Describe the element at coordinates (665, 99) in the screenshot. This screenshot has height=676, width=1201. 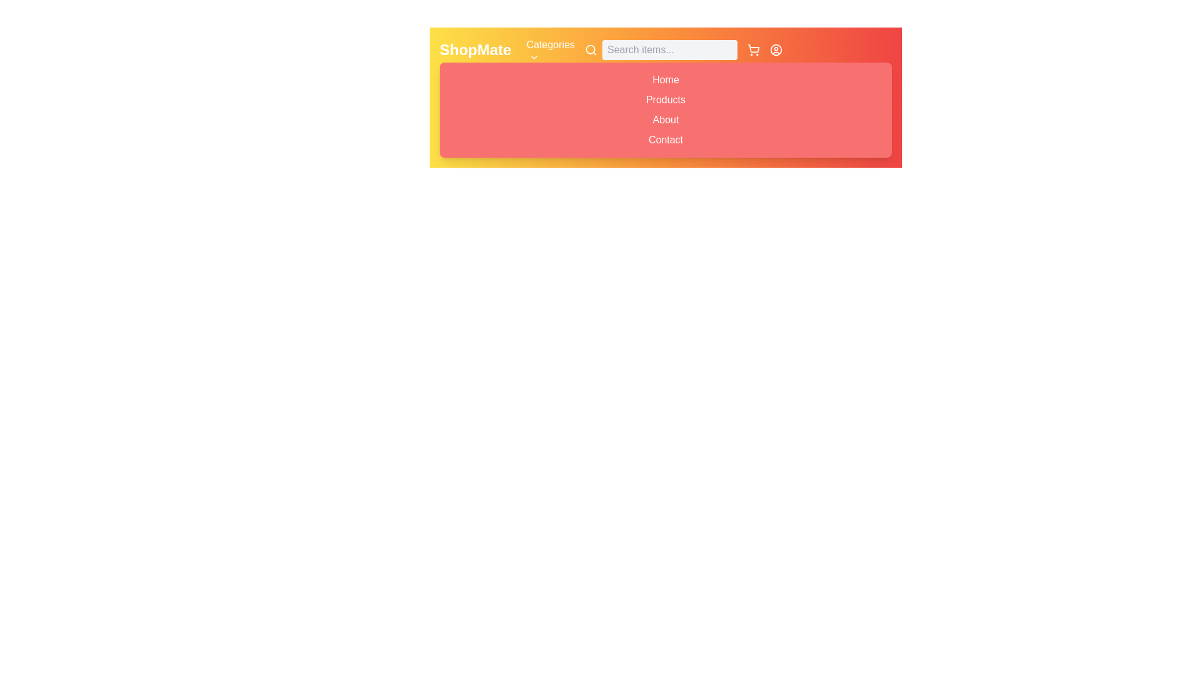
I see `the 'Products' hyperlink in the dropdown menu to trigger the hover effect` at that location.